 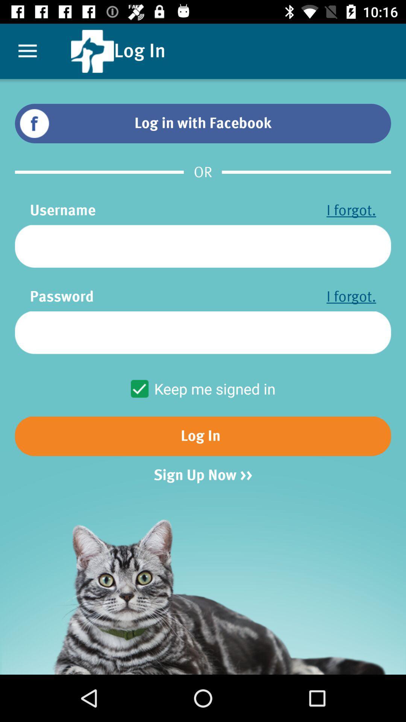 What do you see at coordinates (203, 332) in the screenshot?
I see `item below password icon` at bounding box center [203, 332].